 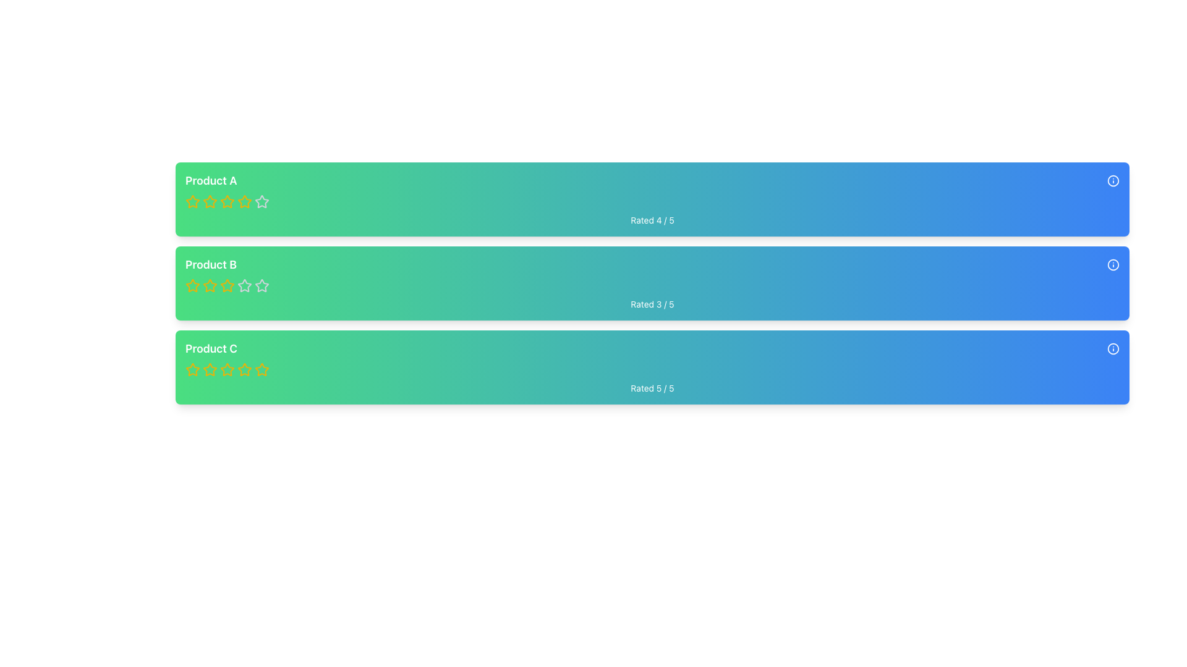 I want to click on the circular element with a blue outline that represents information, located at the center of the information icon on the right side of the 'Product B' blue bar, so click(x=1113, y=264).